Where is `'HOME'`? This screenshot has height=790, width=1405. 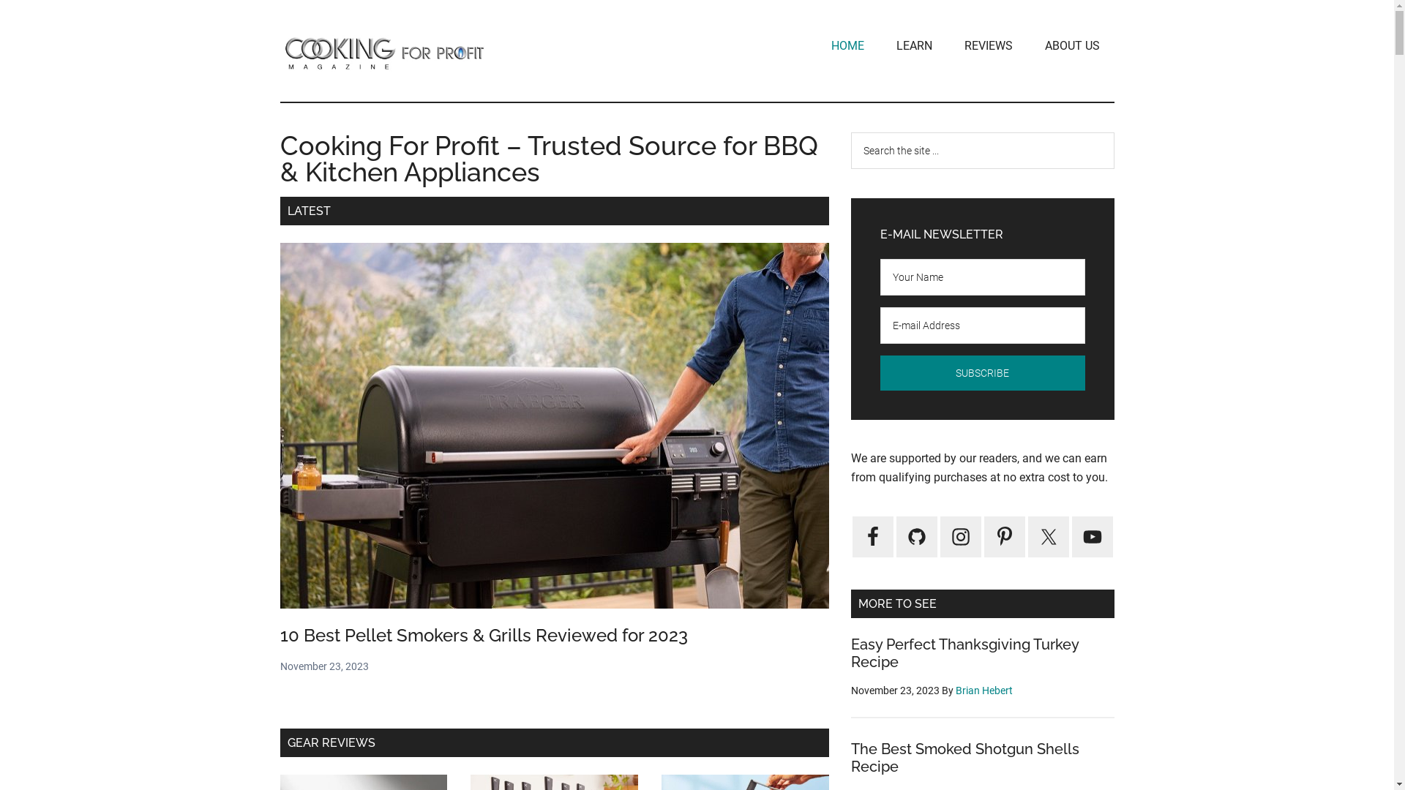 'HOME' is located at coordinates (847, 45).